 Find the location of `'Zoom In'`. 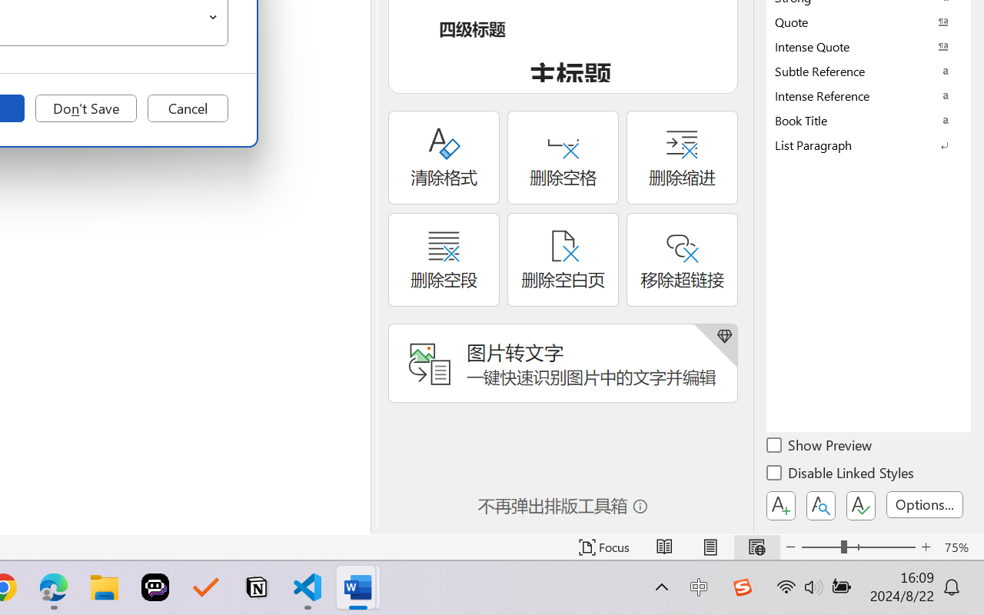

'Zoom In' is located at coordinates (926, 547).